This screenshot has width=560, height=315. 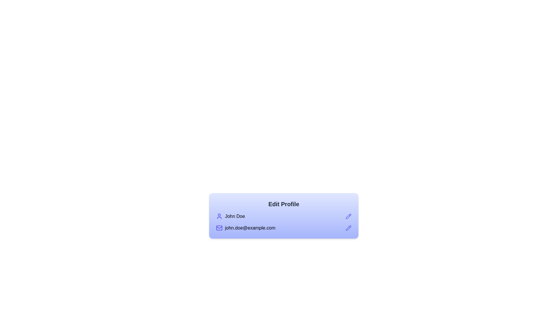 What do you see at coordinates (235, 216) in the screenshot?
I see `displayed text 'John Doe' from the text label, which is positioned to the right of a user-related icon in the profile section` at bounding box center [235, 216].